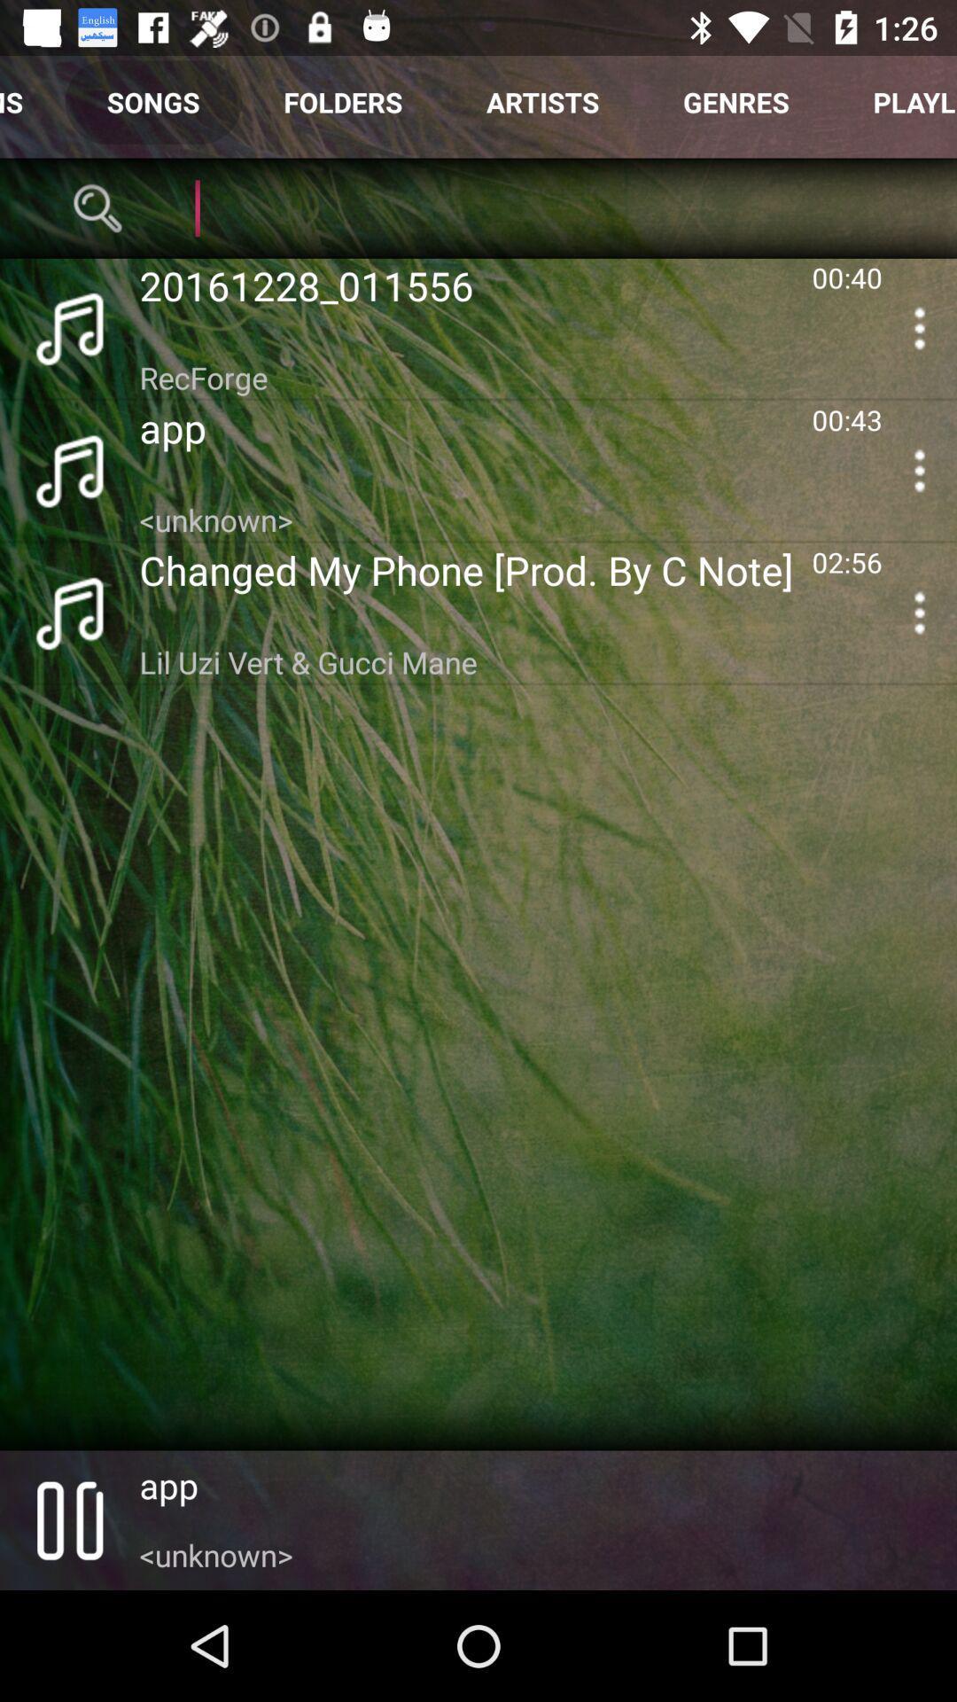 Image resolution: width=957 pixels, height=1702 pixels. Describe the element at coordinates (68, 1519) in the screenshot. I see `the pause icon` at that location.